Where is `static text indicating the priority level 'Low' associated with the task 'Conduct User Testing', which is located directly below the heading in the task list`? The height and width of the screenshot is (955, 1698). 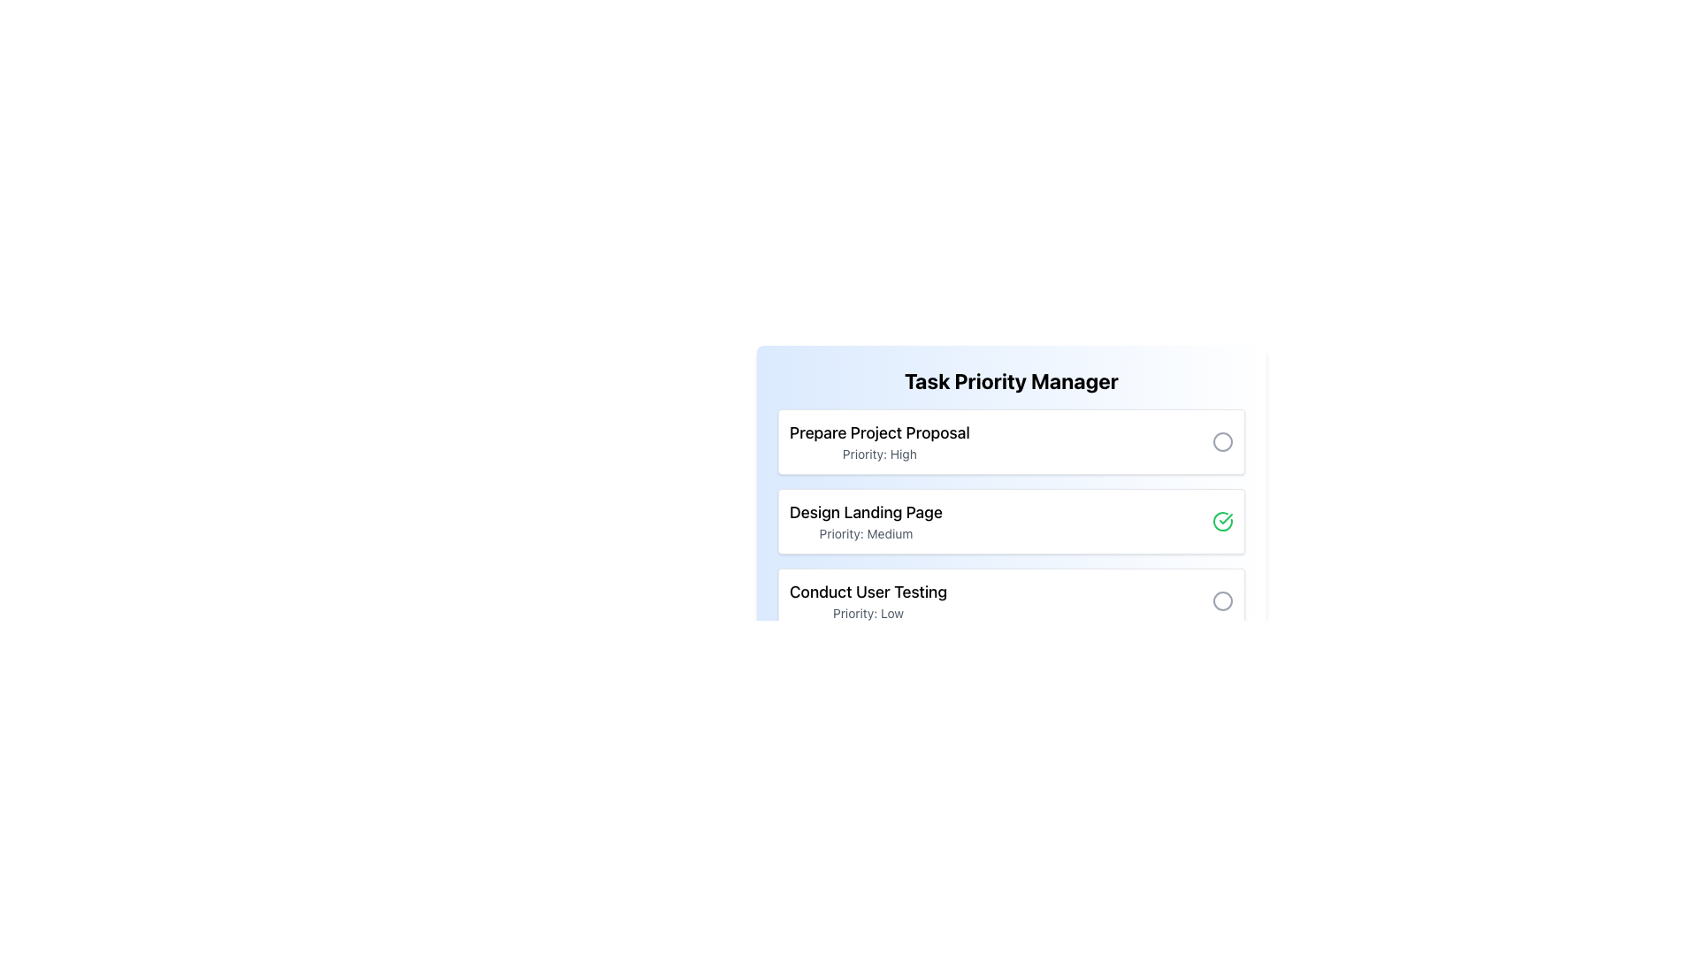 static text indicating the priority level 'Low' associated with the task 'Conduct User Testing', which is located directly below the heading in the task list is located at coordinates (868, 613).